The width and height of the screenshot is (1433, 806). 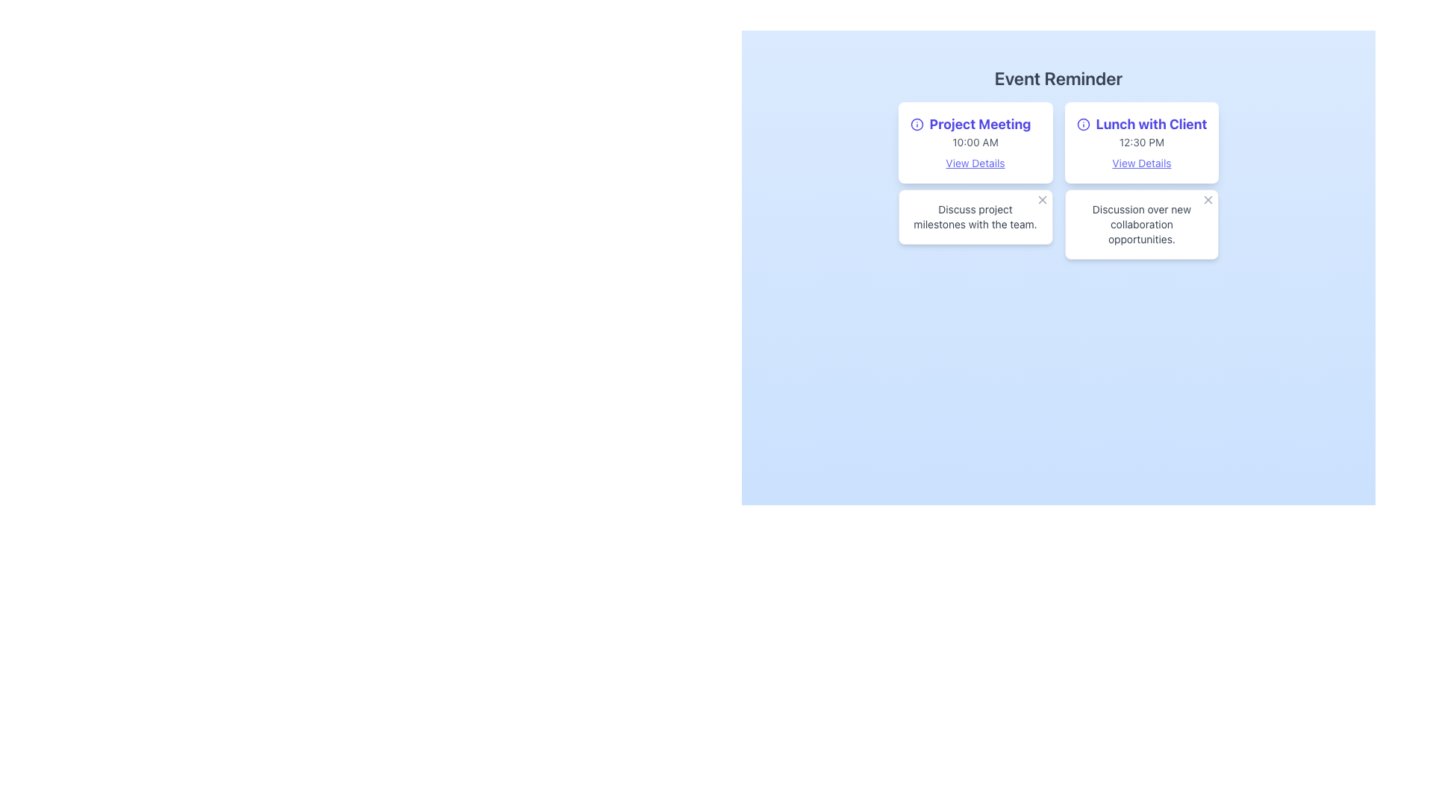 I want to click on the 'View Details' hyperlink located below '12:30 PM' in the 'Lunch with Client' card, so click(x=1140, y=163).